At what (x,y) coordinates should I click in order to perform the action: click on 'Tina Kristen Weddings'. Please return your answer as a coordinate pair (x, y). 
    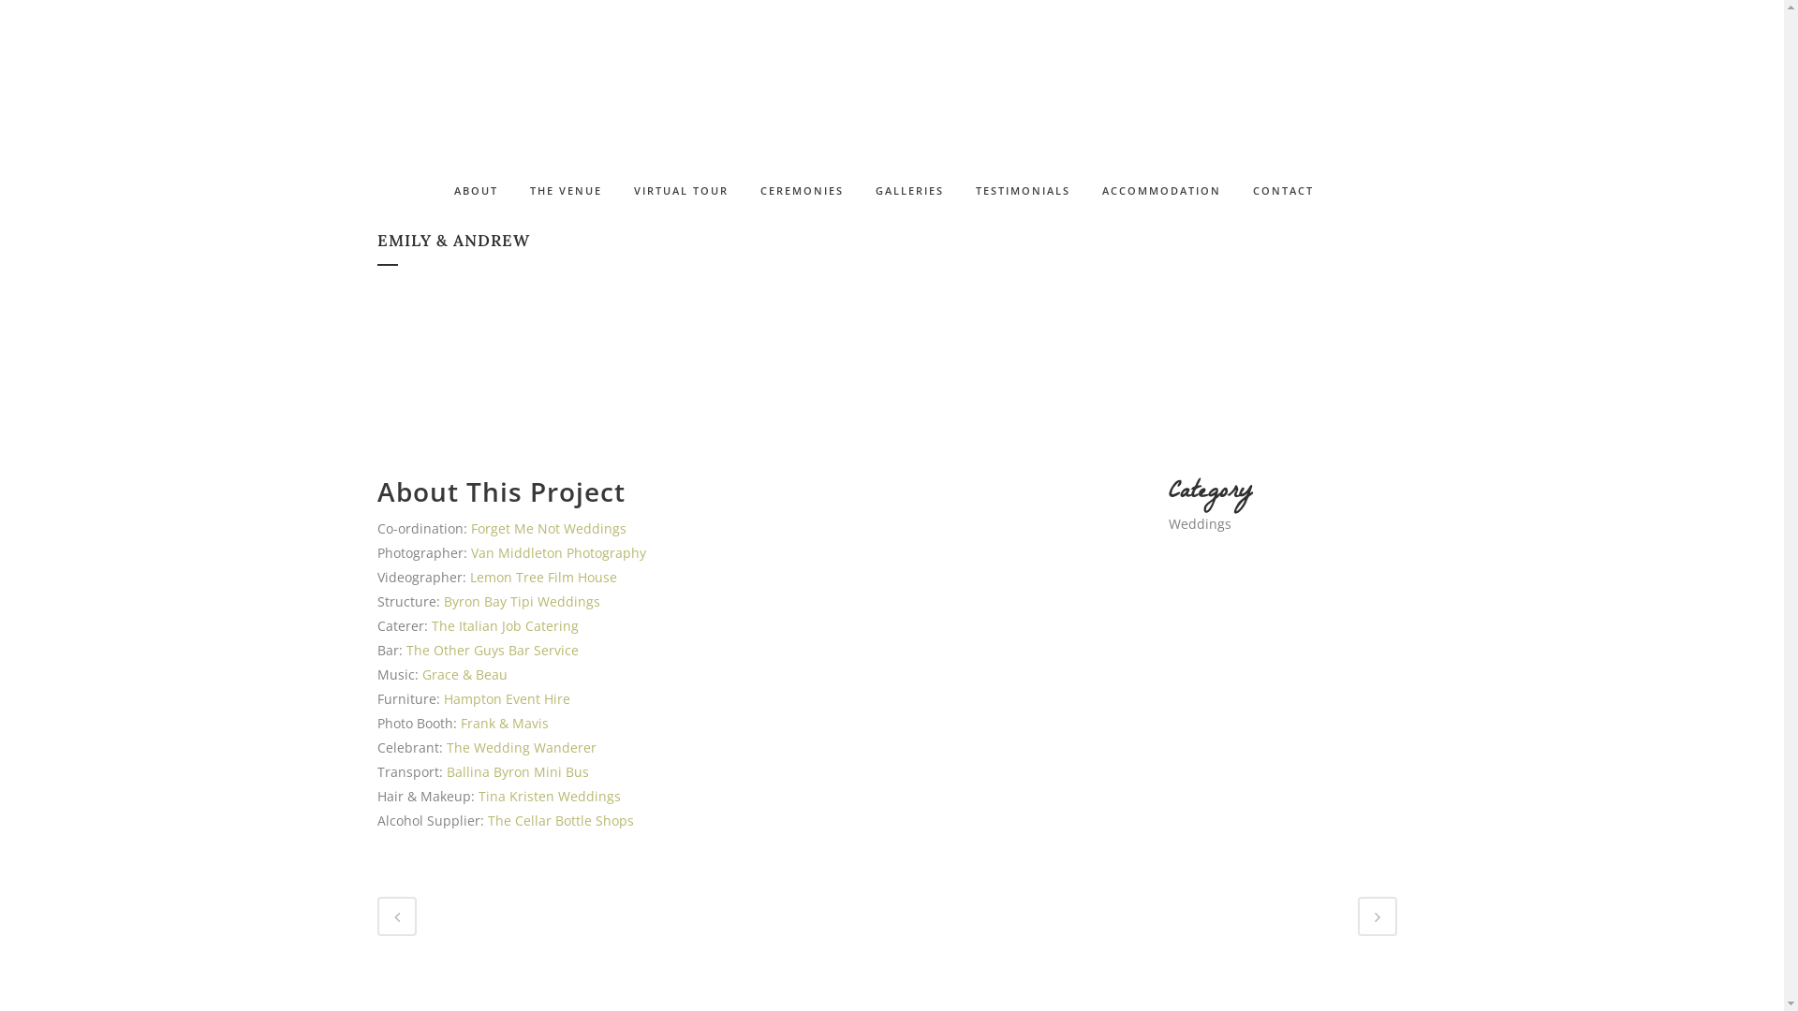
    Looking at the image, I should click on (547, 796).